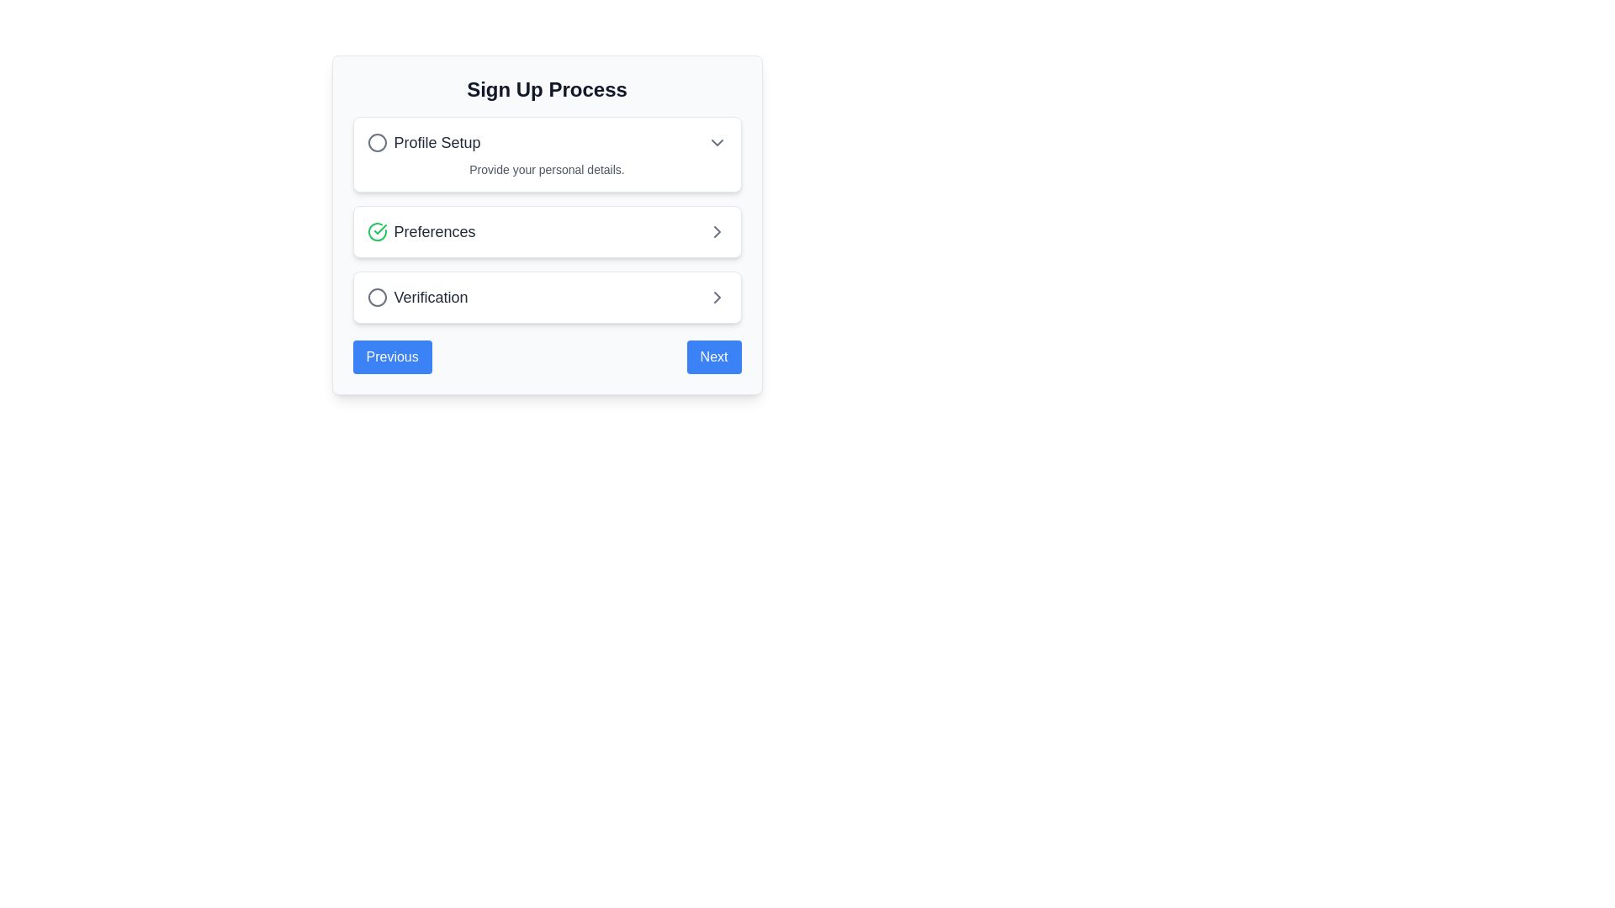 The width and height of the screenshot is (1615, 908). Describe the element at coordinates (547, 356) in the screenshot. I see `the 'Previous' or 'Next' button in the navigation control at the bottom of the form` at that location.